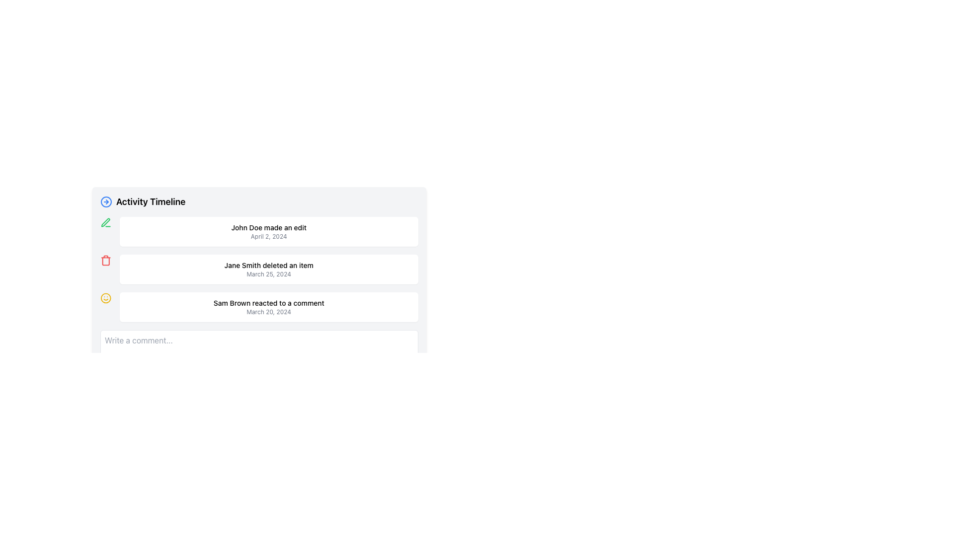 The height and width of the screenshot is (536, 954). I want to click on information from the third Activity log entry in the 'Activity Timeline' section, which shows 'Sam Brown reacted to a comment' and the timestamp 'March 20, 2024', so click(269, 306).